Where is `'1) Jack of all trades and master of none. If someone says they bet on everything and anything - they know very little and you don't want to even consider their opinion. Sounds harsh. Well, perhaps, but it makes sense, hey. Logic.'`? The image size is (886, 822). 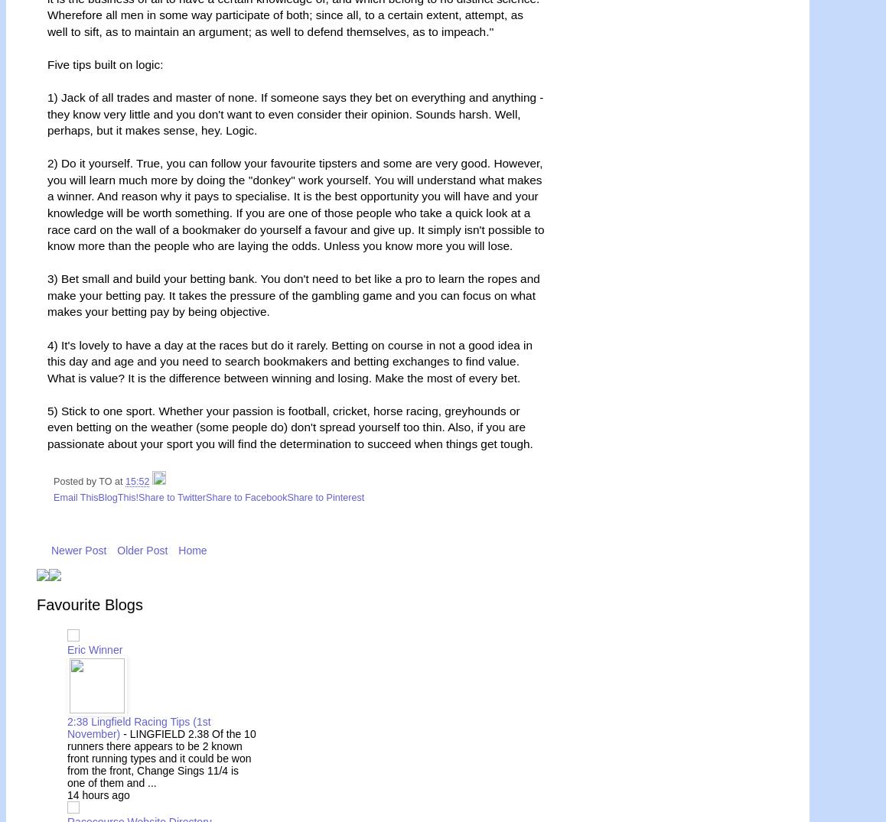 '1) Jack of all trades and master of none. If someone says they bet on everything and anything - they know very little and you don't want to even consider their opinion. Sounds harsh. Well, perhaps, but it makes sense, hey. Logic.' is located at coordinates (294, 113).